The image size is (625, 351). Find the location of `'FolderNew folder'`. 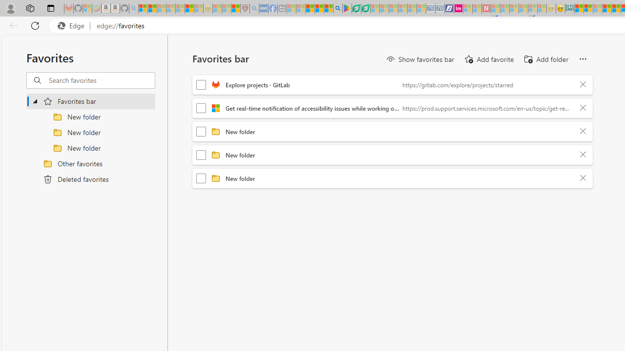

'FolderNew folder' is located at coordinates (392, 178).